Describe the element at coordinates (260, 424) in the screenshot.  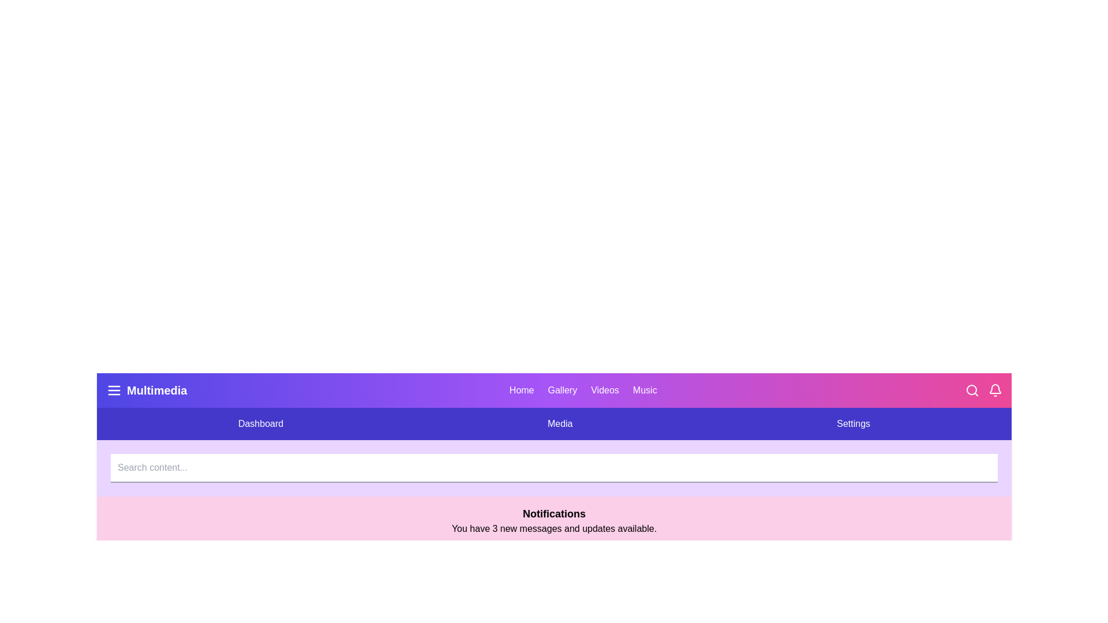
I see `the sub-menu item Dashboard` at that location.